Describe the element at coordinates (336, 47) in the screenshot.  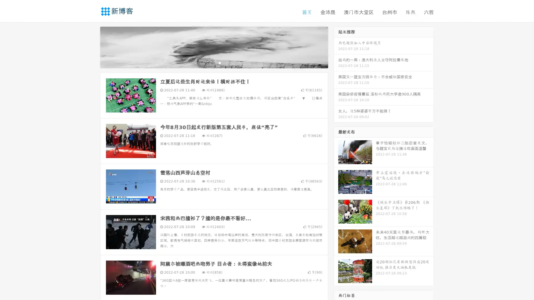
I see `Next slide` at that location.